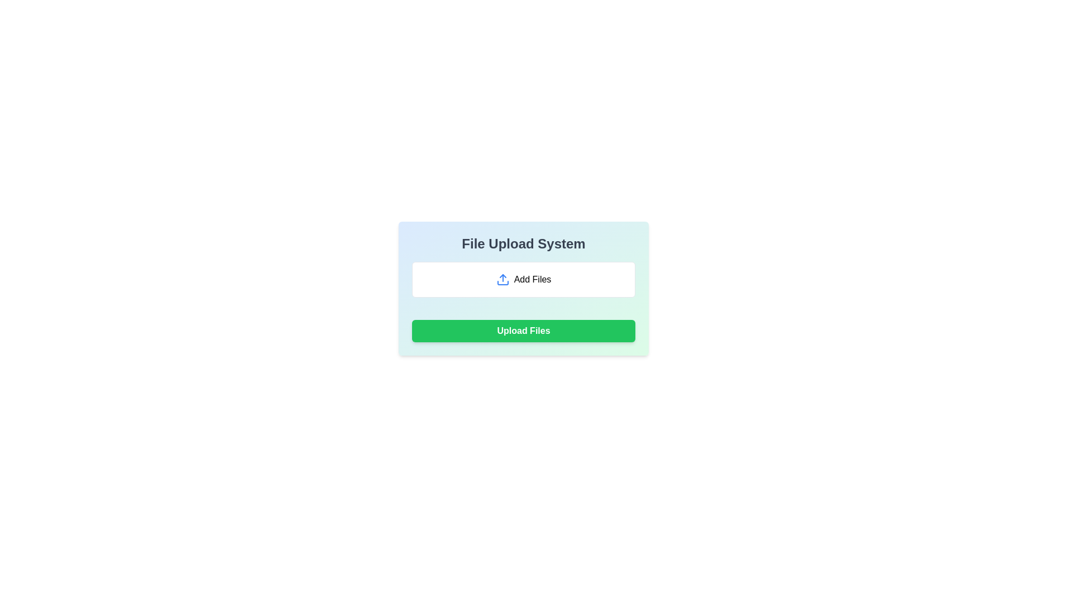 This screenshot has height=603, width=1072. What do you see at coordinates (532, 279) in the screenshot?
I see `text of the 'Add Files' label, which is displayed in bold black font within a white background and gray border, located to the right of the upload icon` at bounding box center [532, 279].